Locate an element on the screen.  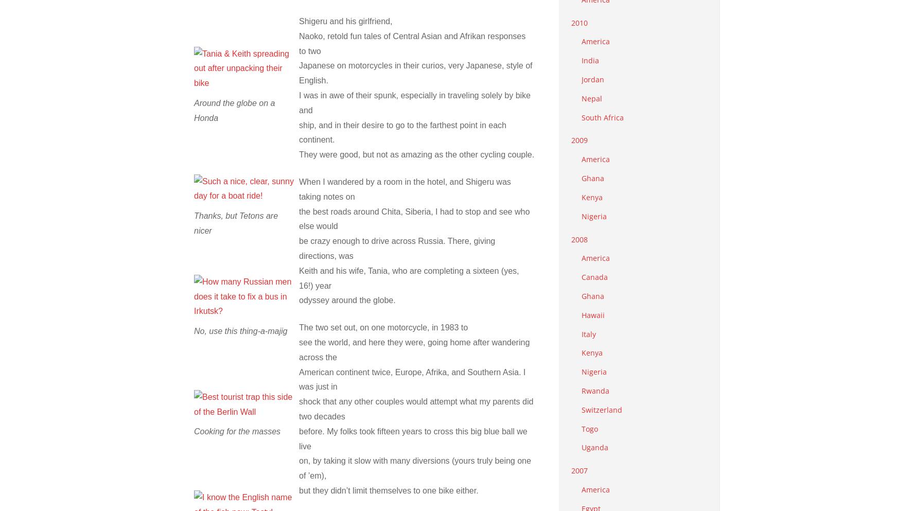
'Hawaii' is located at coordinates (593, 314).